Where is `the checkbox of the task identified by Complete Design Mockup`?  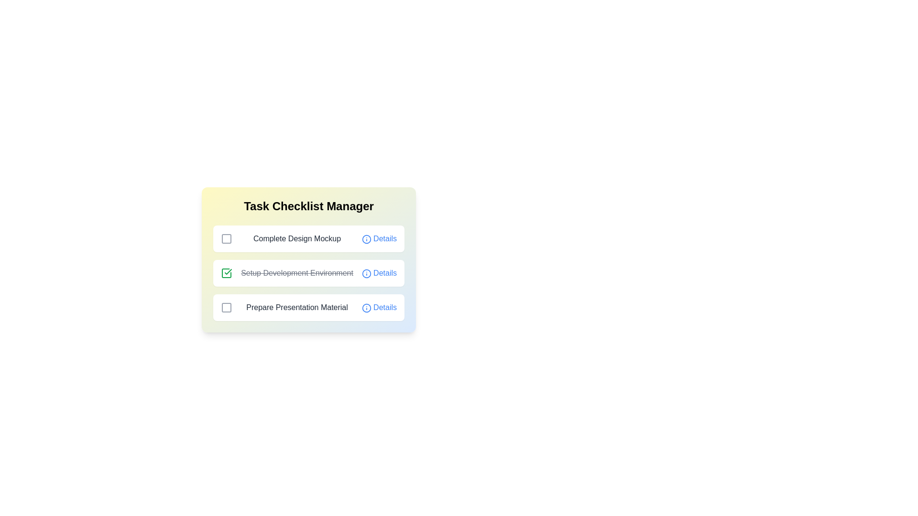
the checkbox of the task identified by Complete Design Mockup is located at coordinates (226, 238).